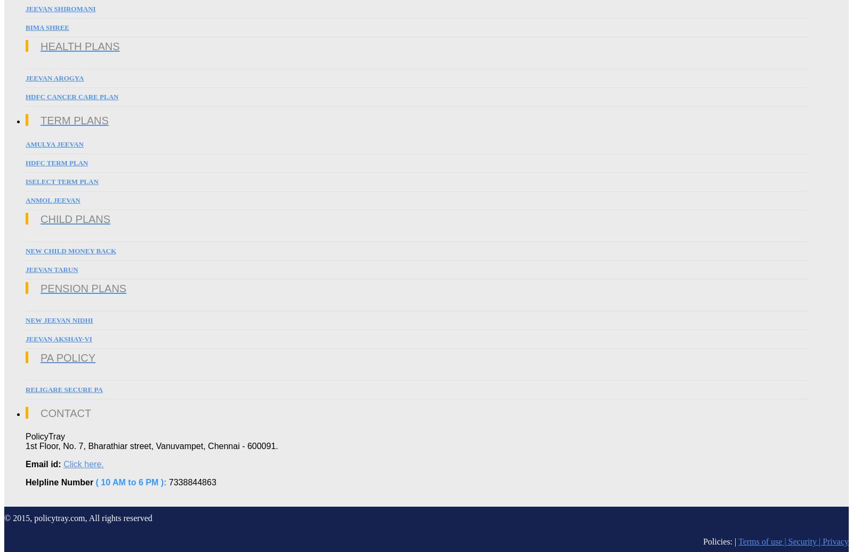 This screenshot has width=853, height=552. I want to click on '( 10 AM to 6 PM ):', so click(131, 482).